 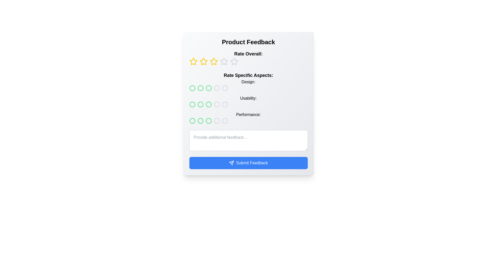 What do you see at coordinates (217, 121) in the screenshot?
I see `the fourth radio button in the third row under 'Rate Specific Aspects:' labeled 'Performance'` at bounding box center [217, 121].